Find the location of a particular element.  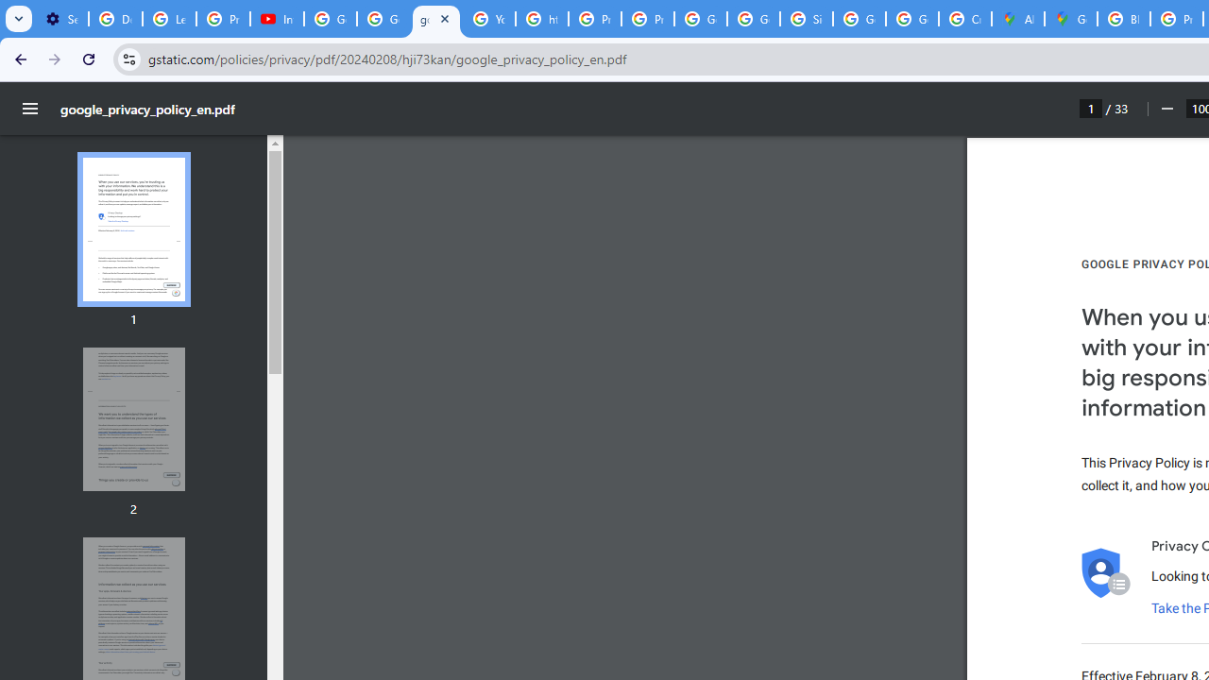

'Page number' is located at coordinates (1091, 108).